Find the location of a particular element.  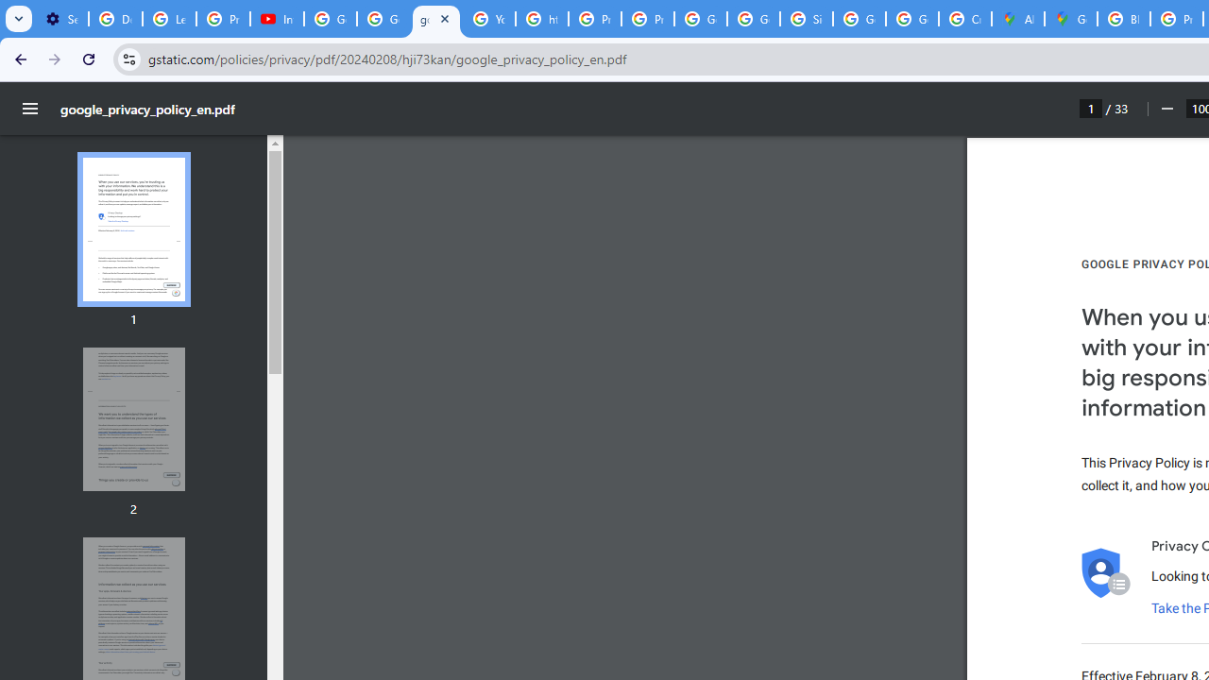

'Page number' is located at coordinates (1091, 108).